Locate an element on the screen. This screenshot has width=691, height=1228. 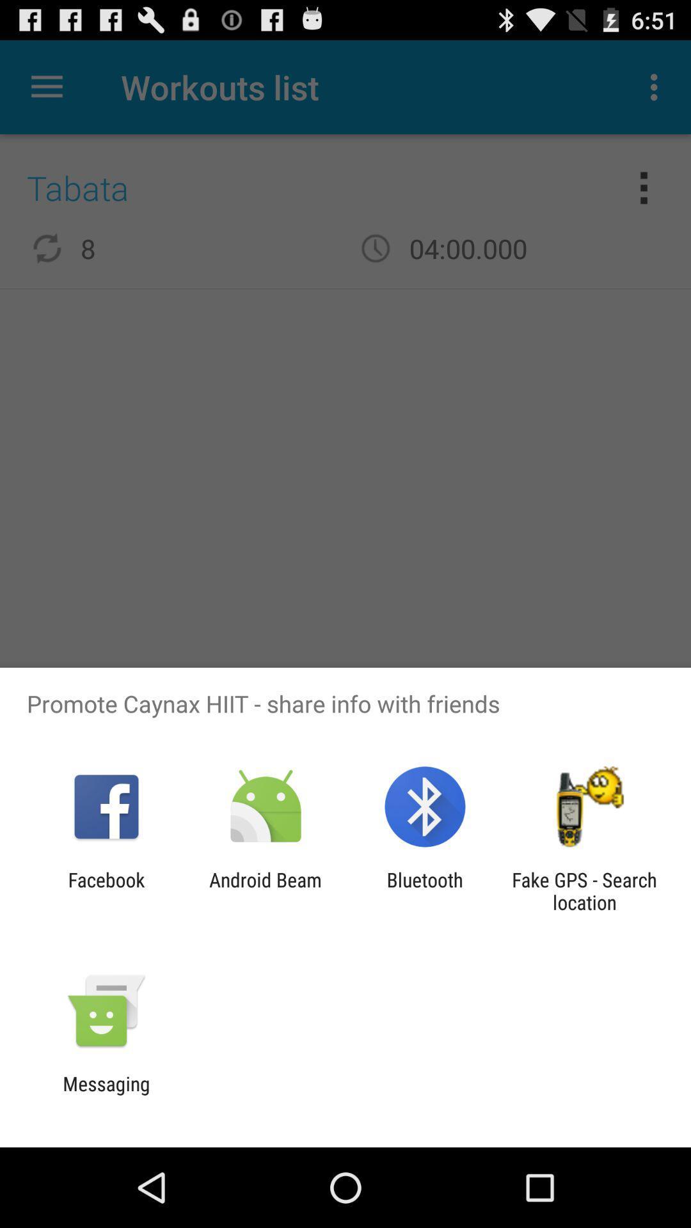
the icon to the right of bluetooth icon is located at coordinates (584, 890).